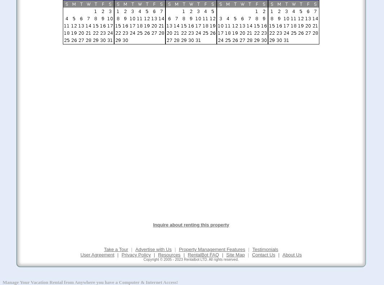  What do you see at coordinates (152, 224) in the screenshot?
I see `'Inquire about renting this property'` at bounding box center [152, 224].